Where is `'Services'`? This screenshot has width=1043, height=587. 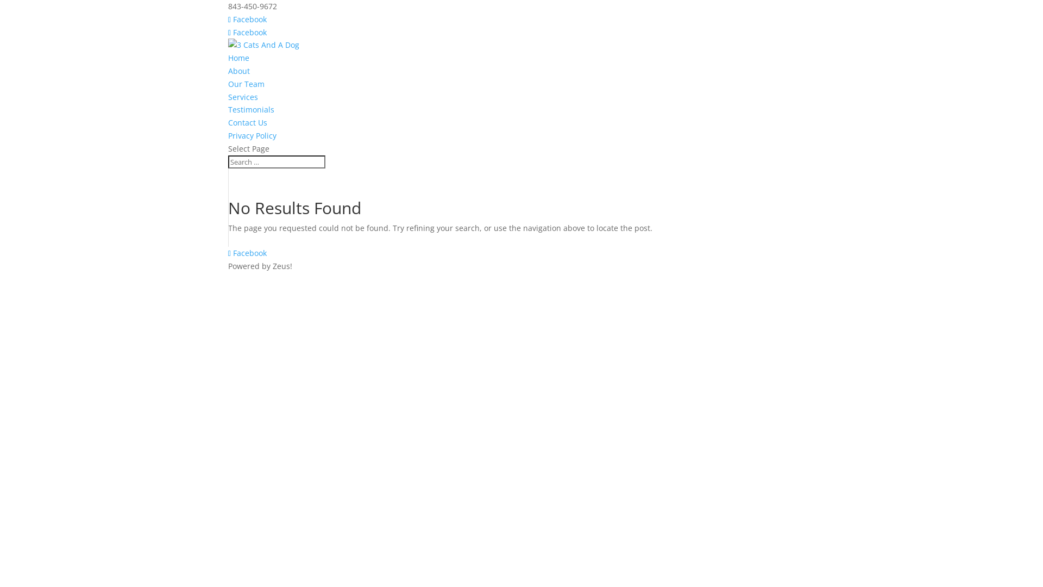 'Services' is located at coordinates (228, 96).